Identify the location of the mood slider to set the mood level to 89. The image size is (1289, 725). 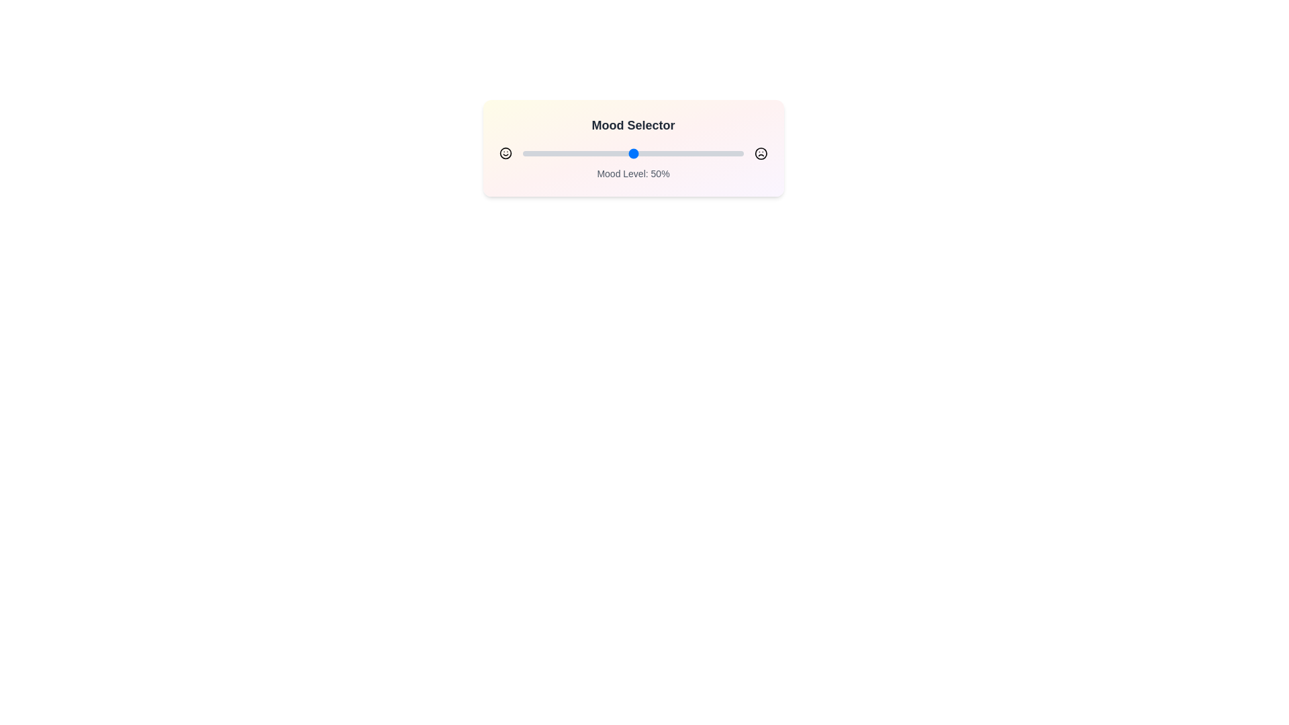
(718, 152).